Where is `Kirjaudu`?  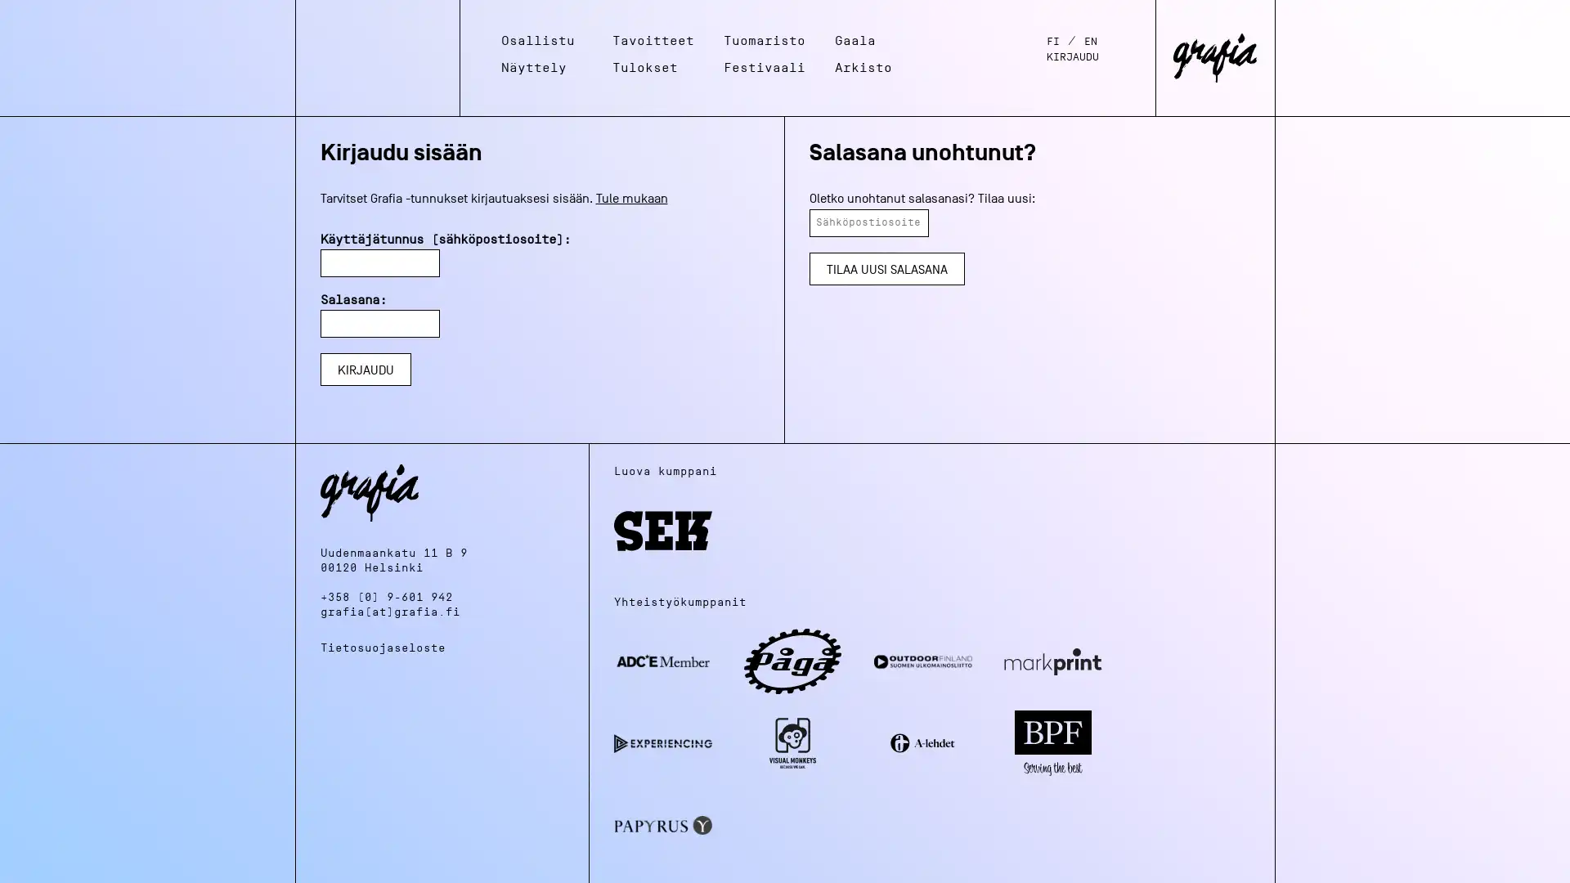 Kirjaudu is located at coordinates (364, 369).